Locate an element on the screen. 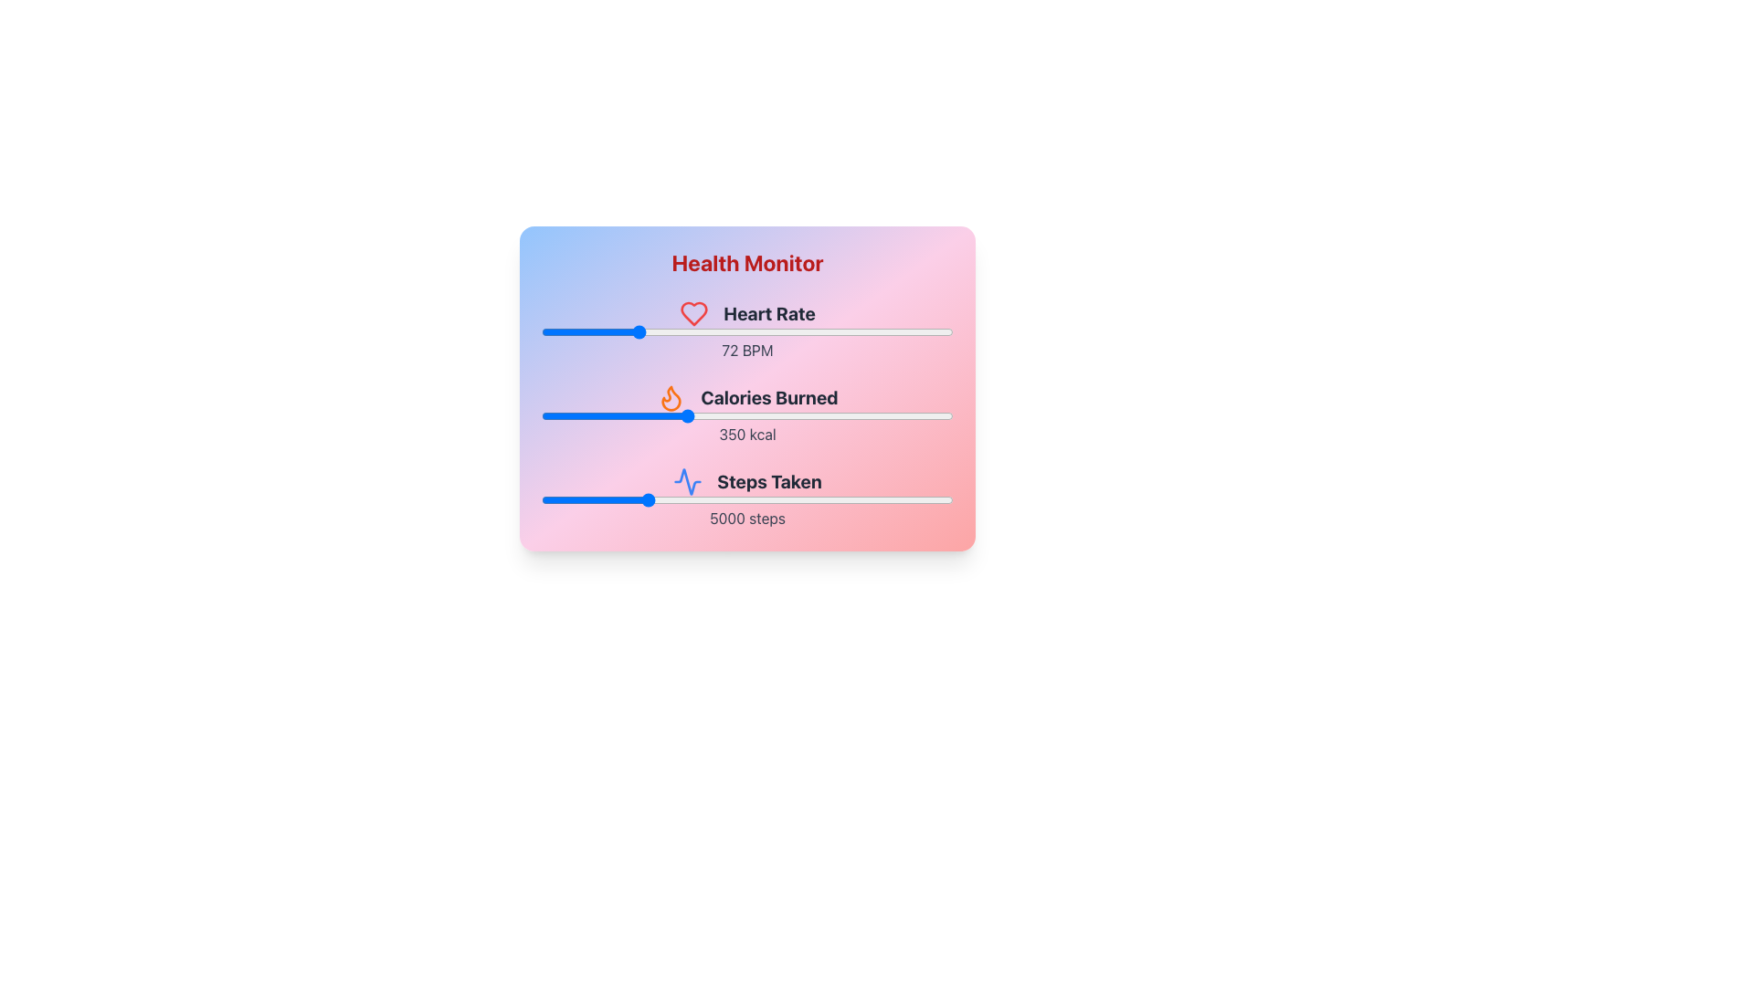 The image size is (1754, 986). the calories burned slider is located at coordinates (556, 415).